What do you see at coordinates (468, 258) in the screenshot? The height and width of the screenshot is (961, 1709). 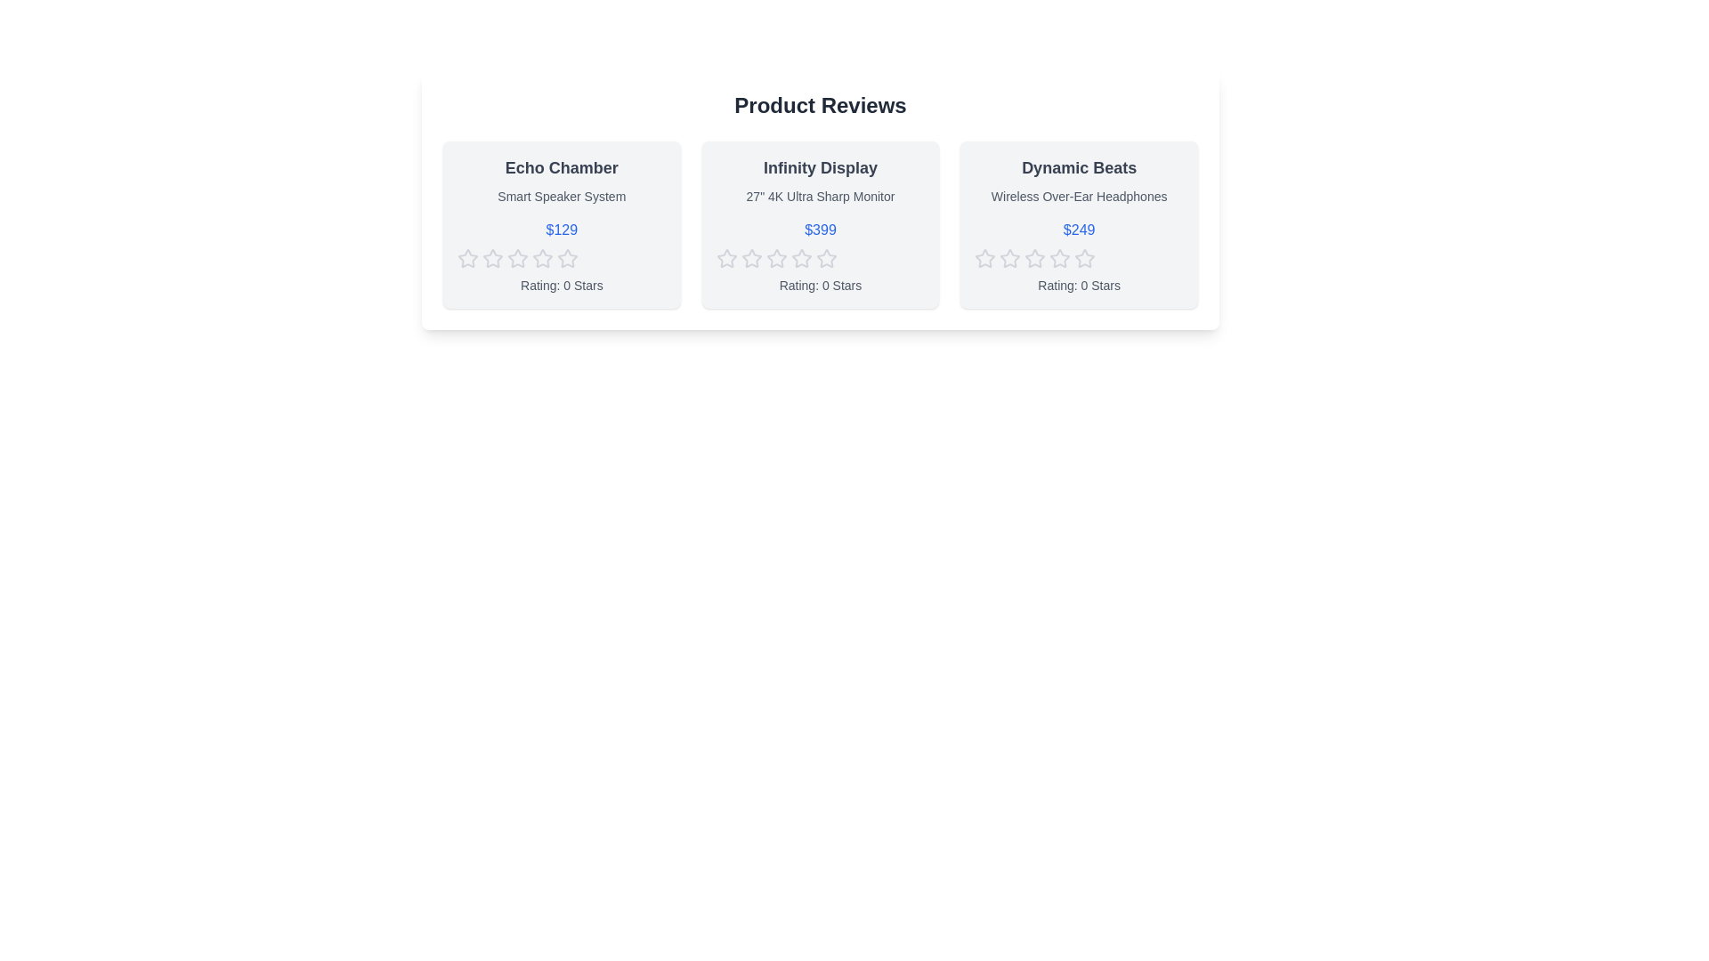 I see `the interactive rating star located in the first product review card titled 'Echo Chamber', positioned on the leftmost side as the first star in the horizontal row of rating stars` at bounding box center [468, 258].